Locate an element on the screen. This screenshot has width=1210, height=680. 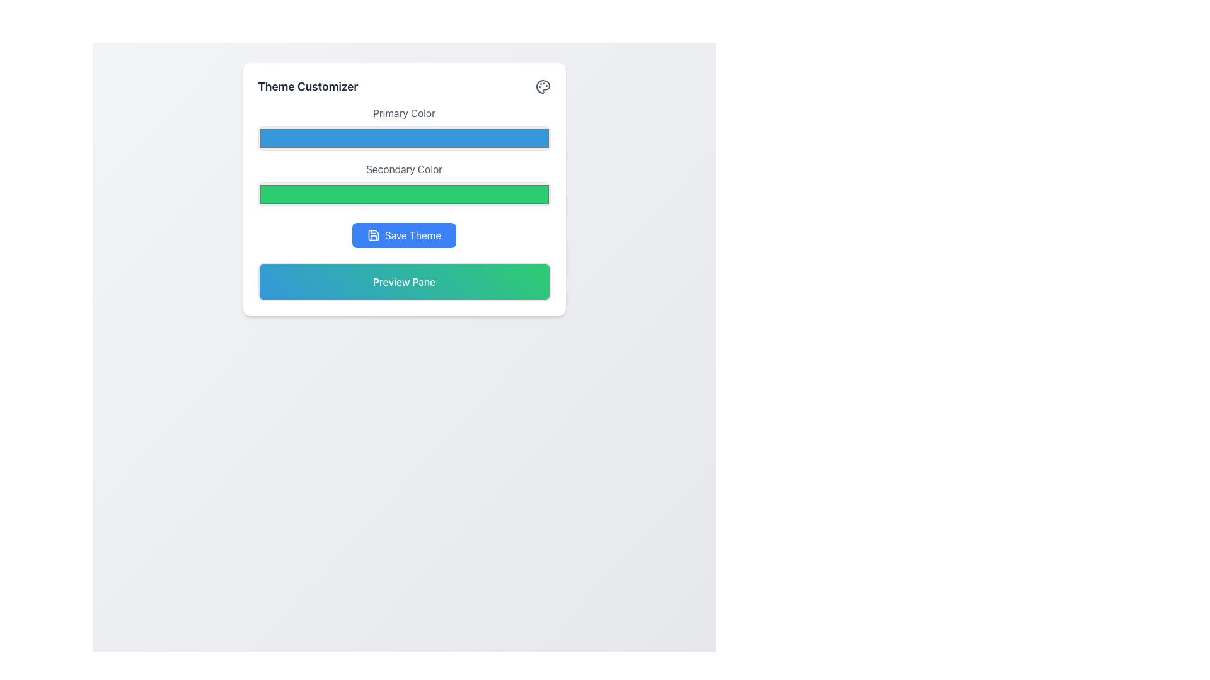
the descriptive informational label located at the bottom center of the structured panel, beneath the 'Save Theme' button is located at coordinates (404, 281).